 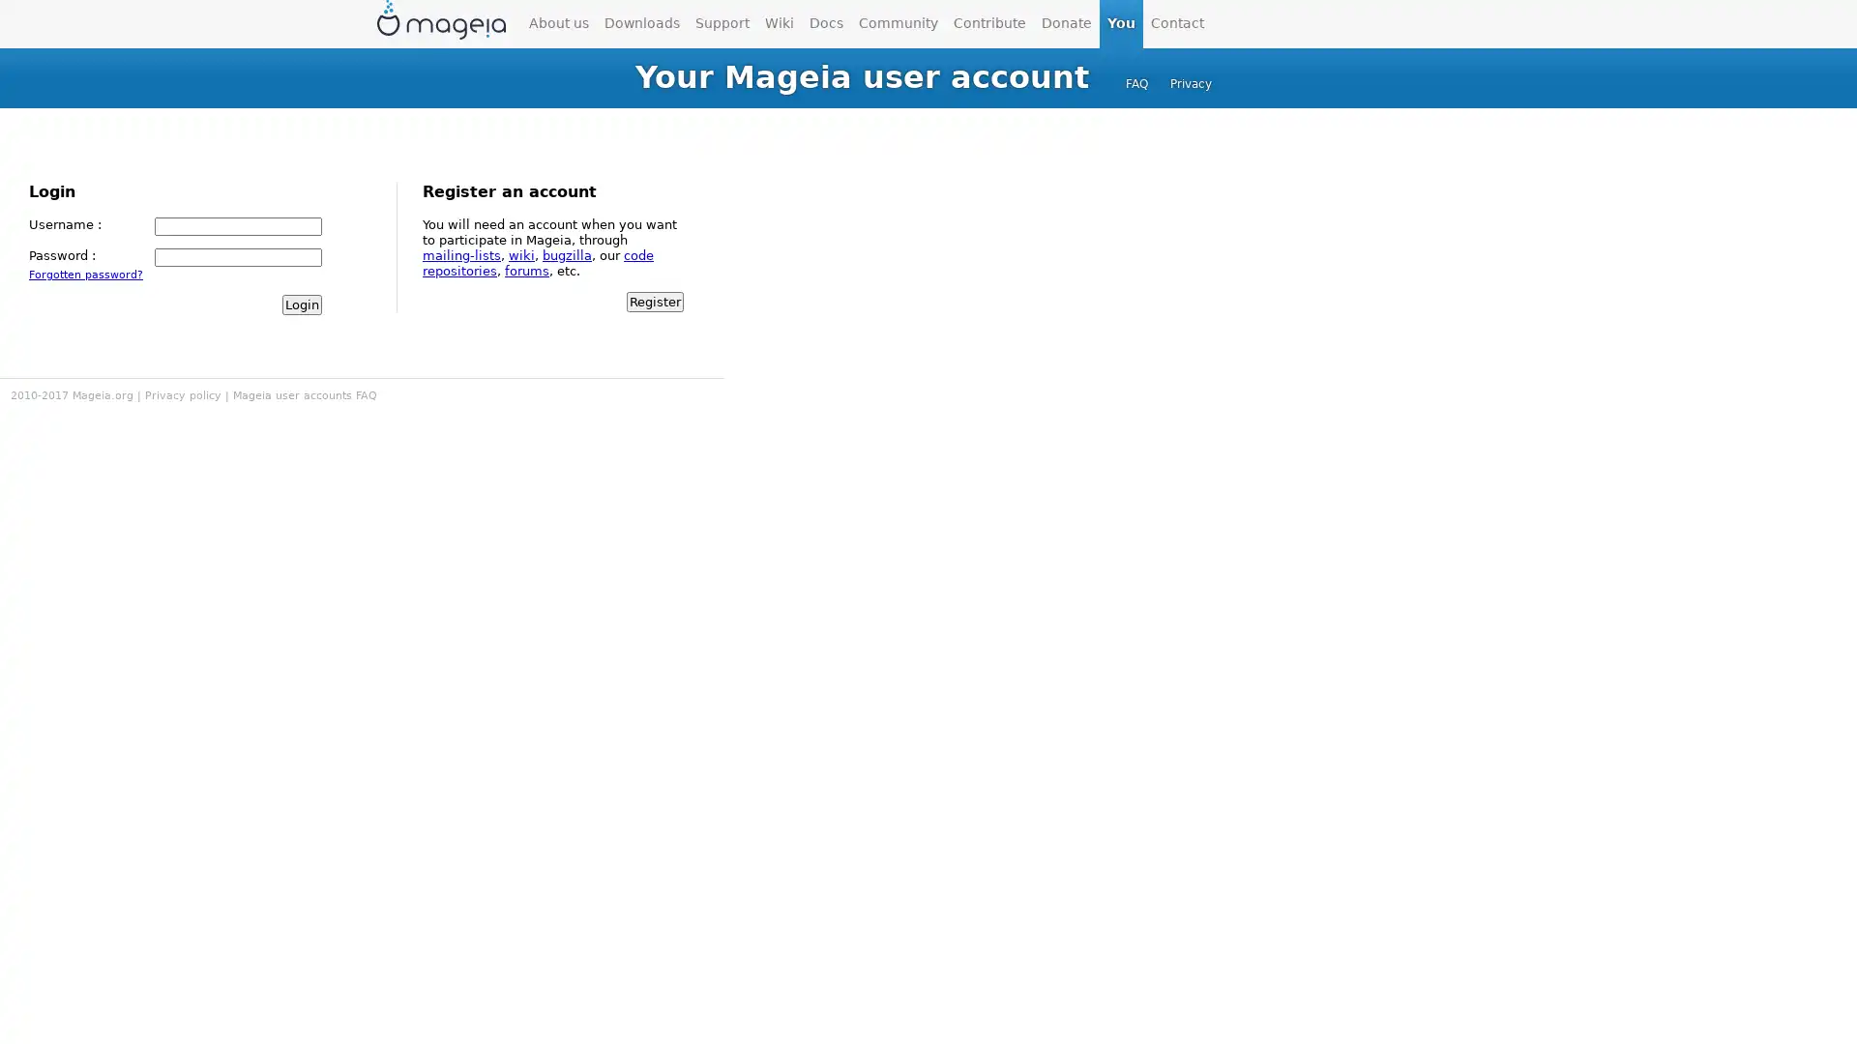 What do you see at coordinates (654, 301) in the screenshot?
I see `Register` at bounding box center [654, 301].